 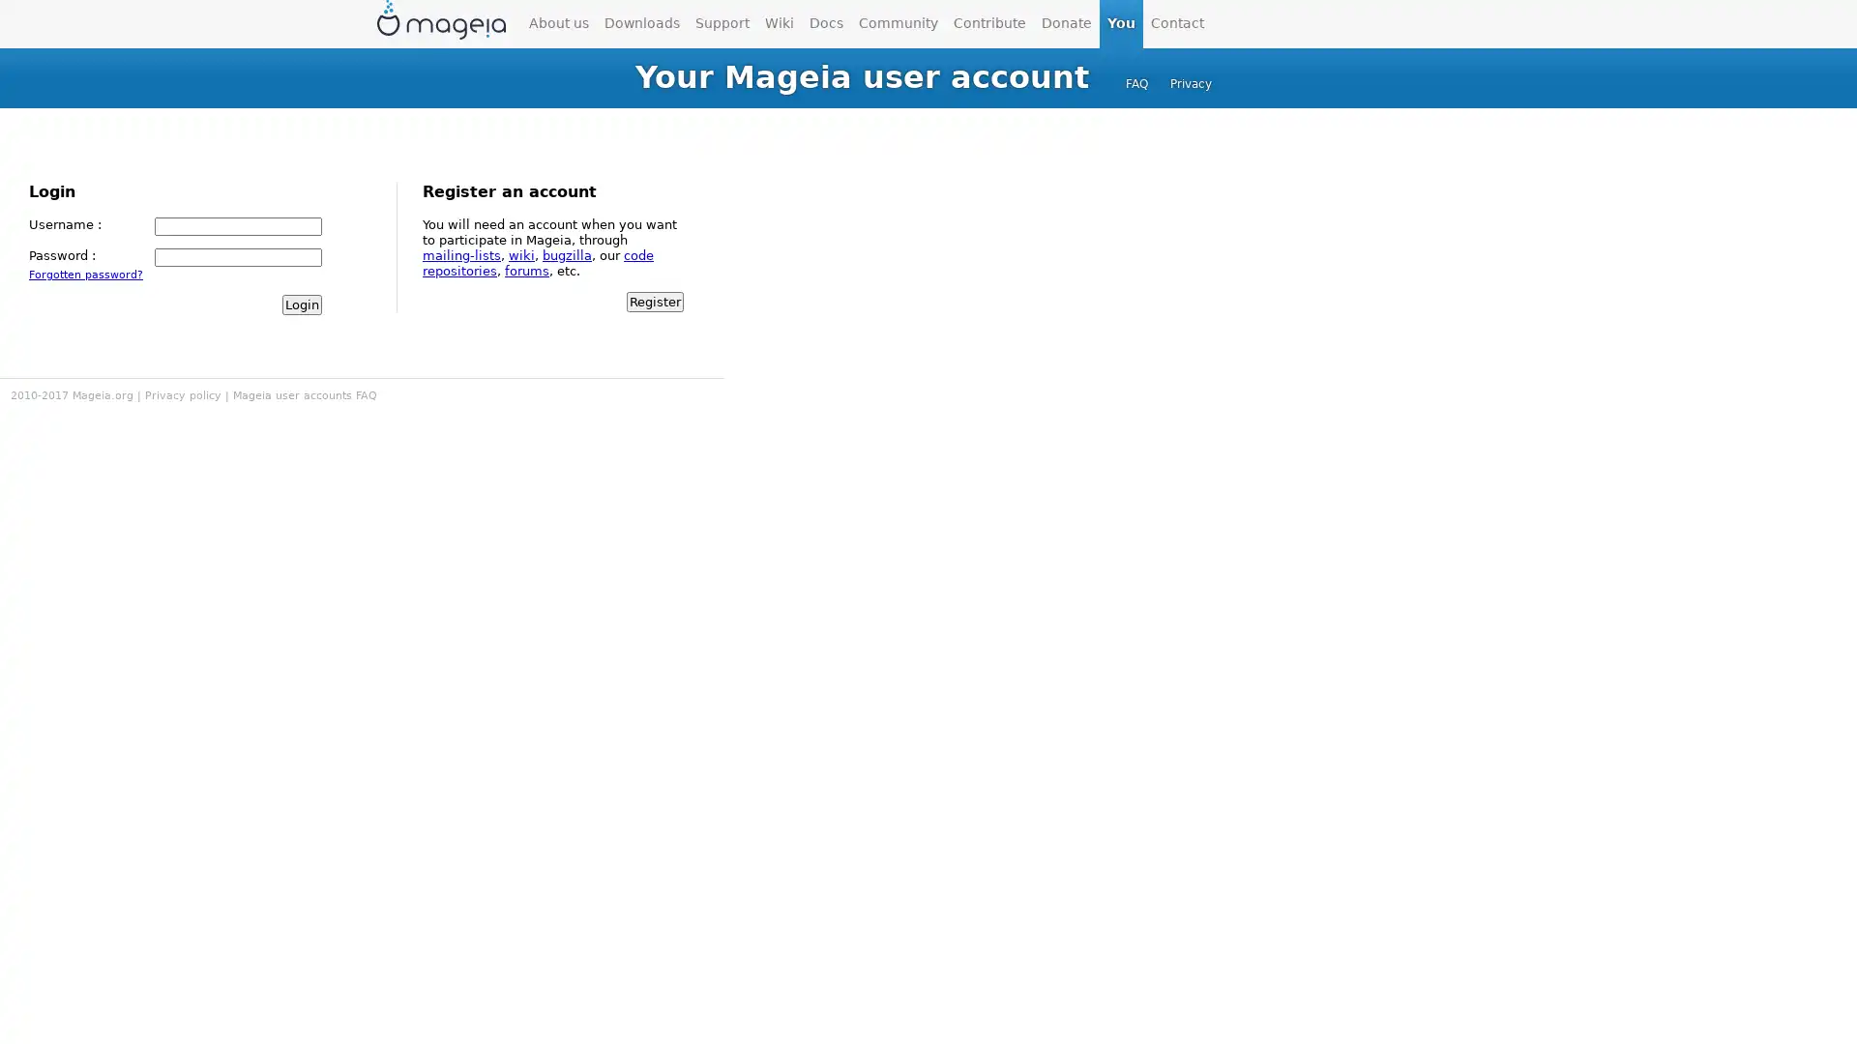 What do you see at coordinates (654, 301) in the screenshot?
I see `Register` at bounding box center [654, 301].